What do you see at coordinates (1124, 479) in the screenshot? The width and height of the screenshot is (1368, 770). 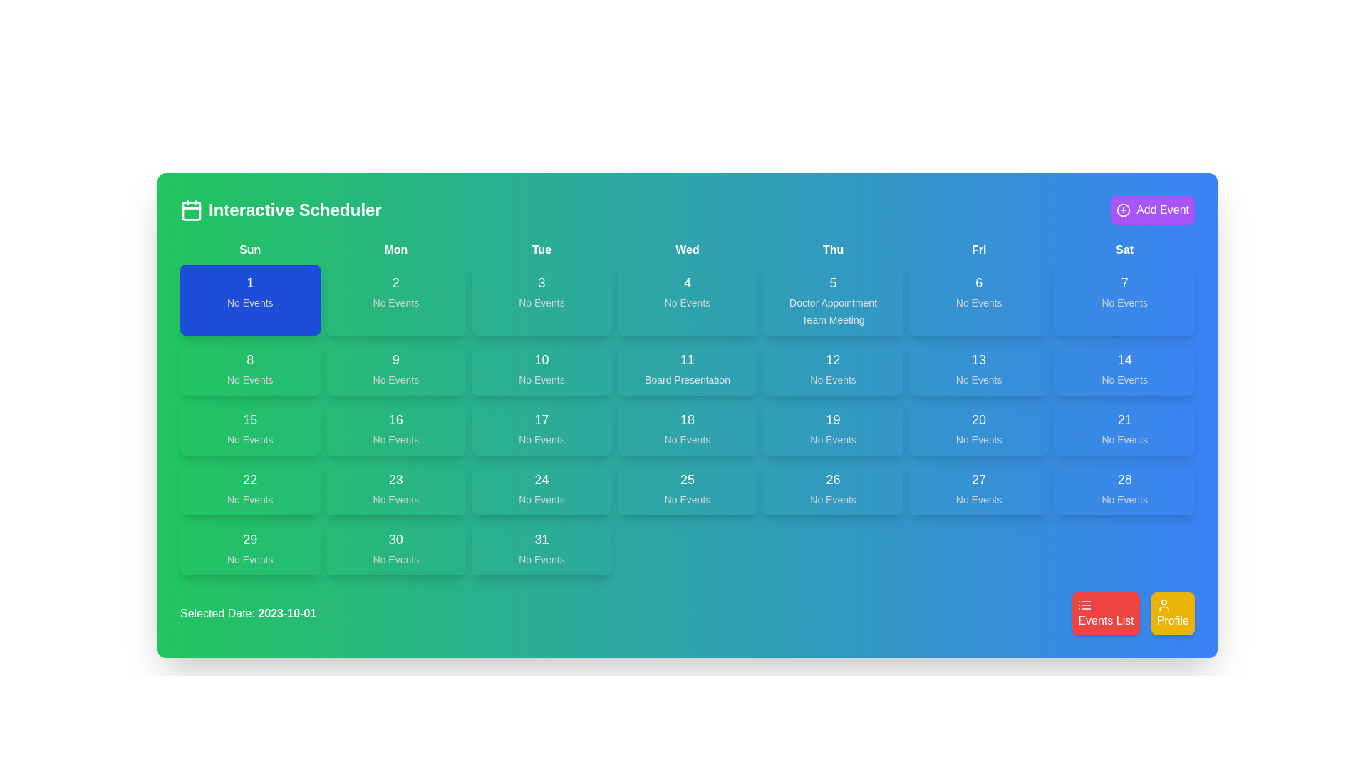 I see `the static text label displaying '28' in a bold font, located in the sixth row and seventh column of the calendar grid` at bounding box center [1124, 479].